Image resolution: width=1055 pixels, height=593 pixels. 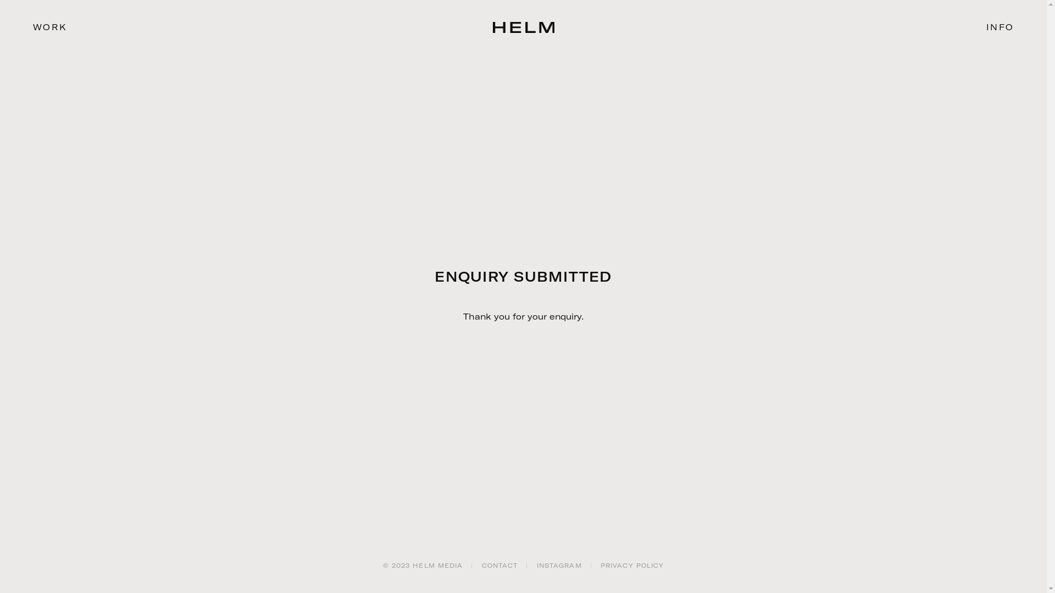 I want to click on 'WORK', so click(x=60, y=27).